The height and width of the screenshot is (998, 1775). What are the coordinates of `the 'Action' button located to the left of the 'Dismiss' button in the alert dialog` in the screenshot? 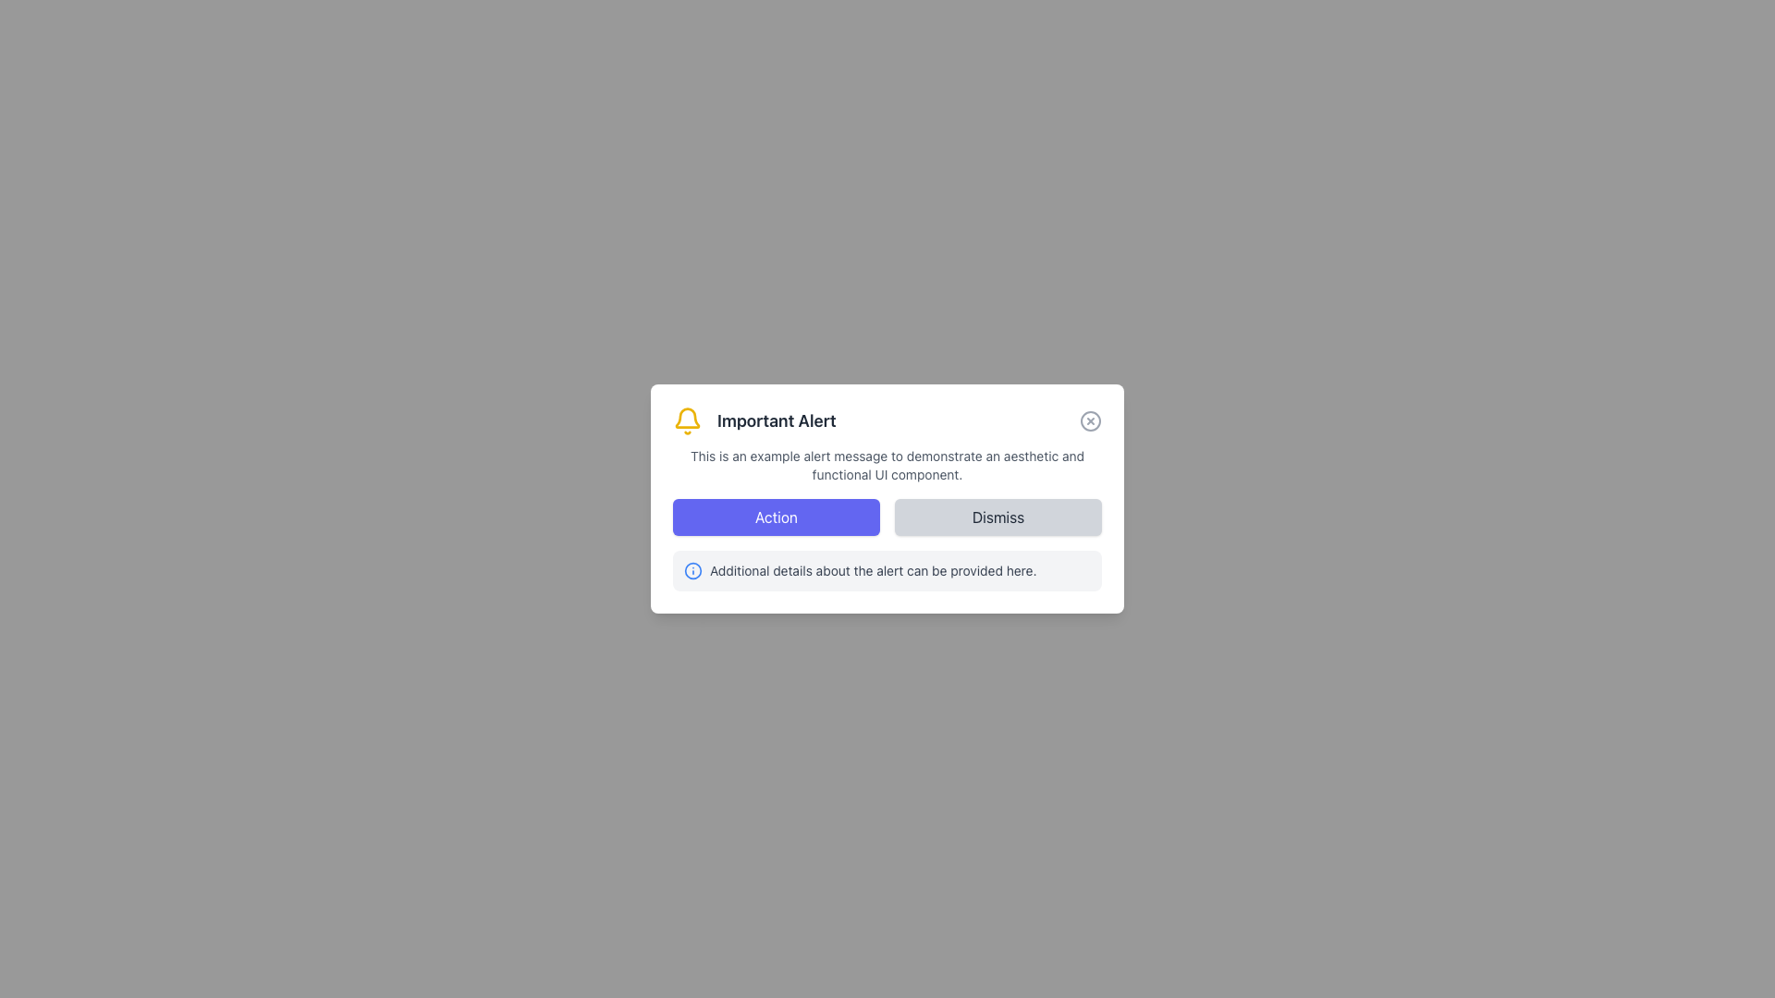 It's located at (777, 517).